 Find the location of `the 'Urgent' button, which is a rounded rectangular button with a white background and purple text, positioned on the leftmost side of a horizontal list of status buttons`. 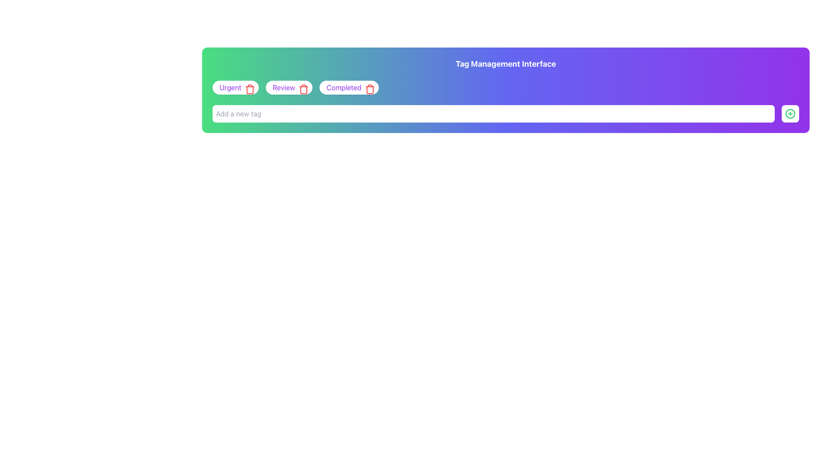

the 'Urgent' button, which is a rounded rectangular button with a white background and purple text, positioned on the leftmost side of a horizontal list of status buttons is located at coordinates (235, 87).